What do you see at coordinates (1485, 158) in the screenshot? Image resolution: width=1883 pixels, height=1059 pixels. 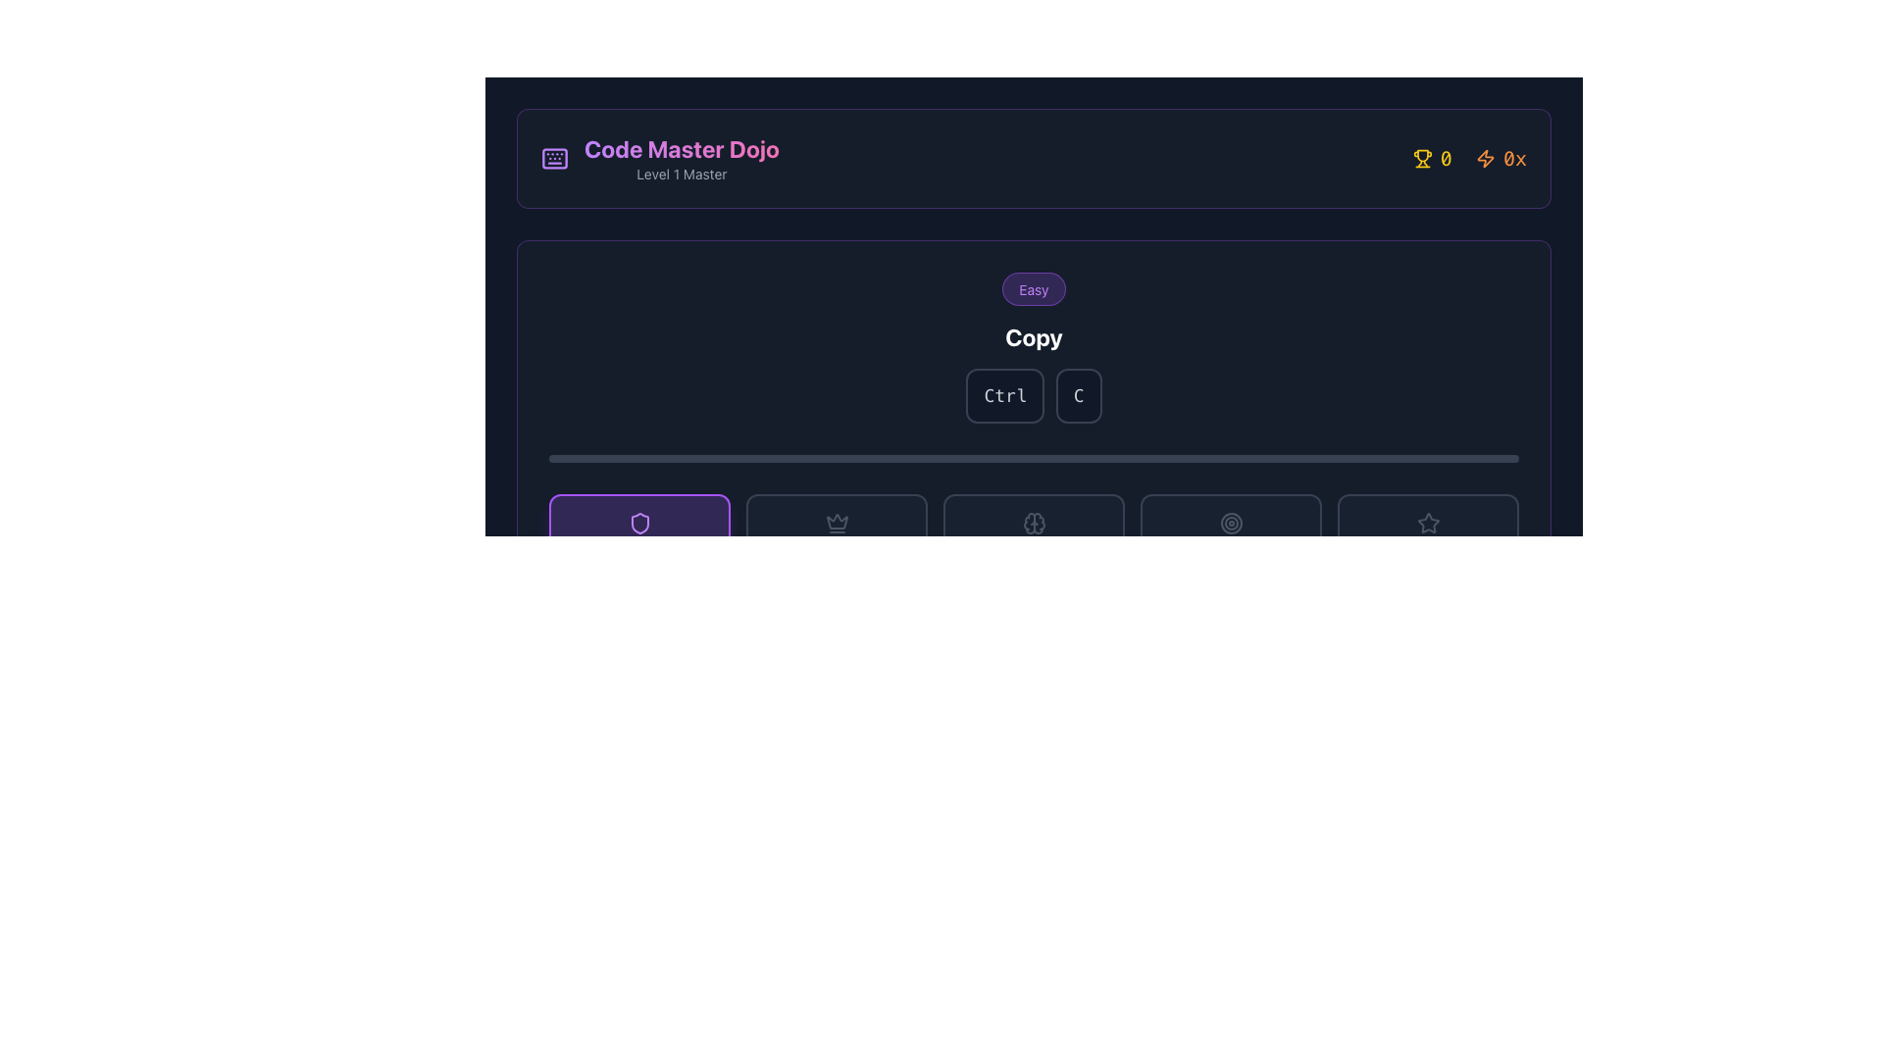 I see `the speed energy icon located at the top-right section of the user interface, positioned to the left of the text label '0x' and near the trophy icon` at bounding box center [1485, 158].